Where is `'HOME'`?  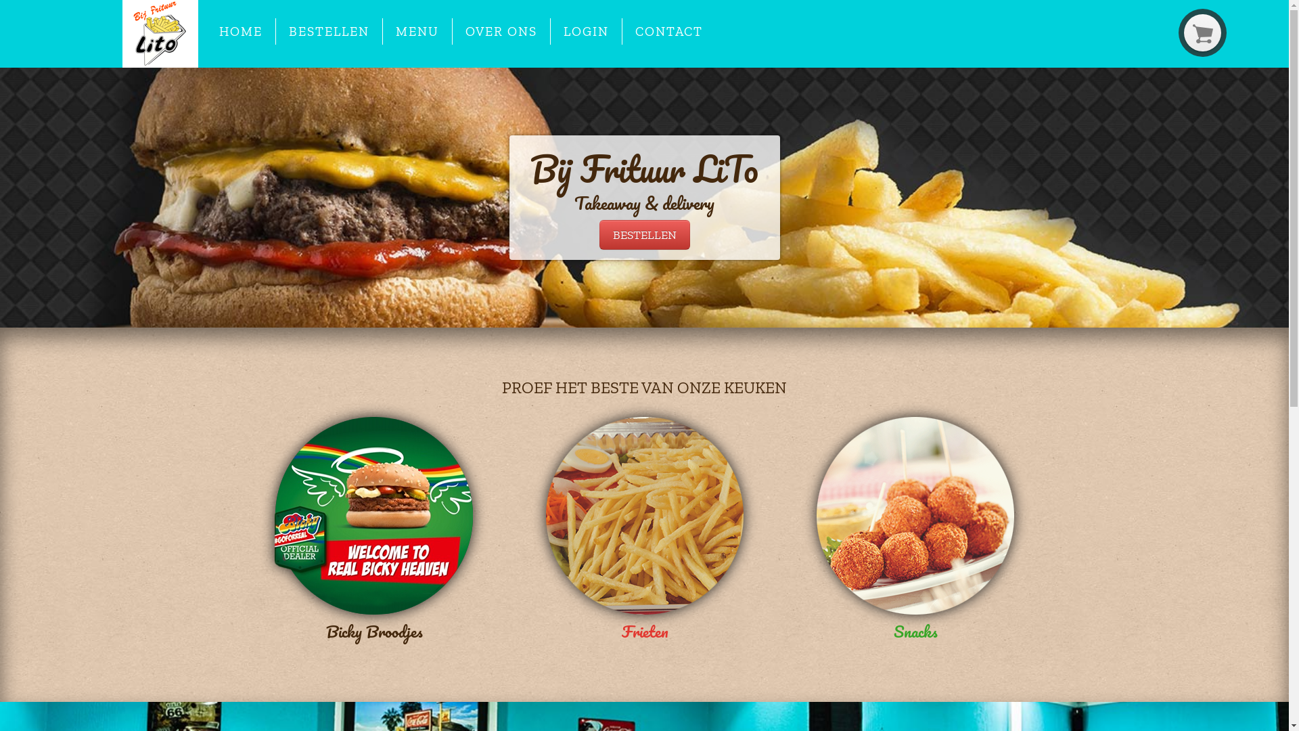
'HOME' is located at coordinates (206, 30).